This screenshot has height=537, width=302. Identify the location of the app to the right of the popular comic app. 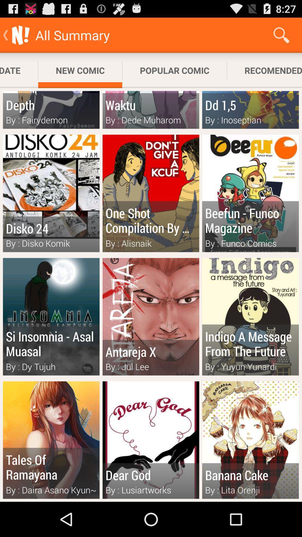
(264, 70).